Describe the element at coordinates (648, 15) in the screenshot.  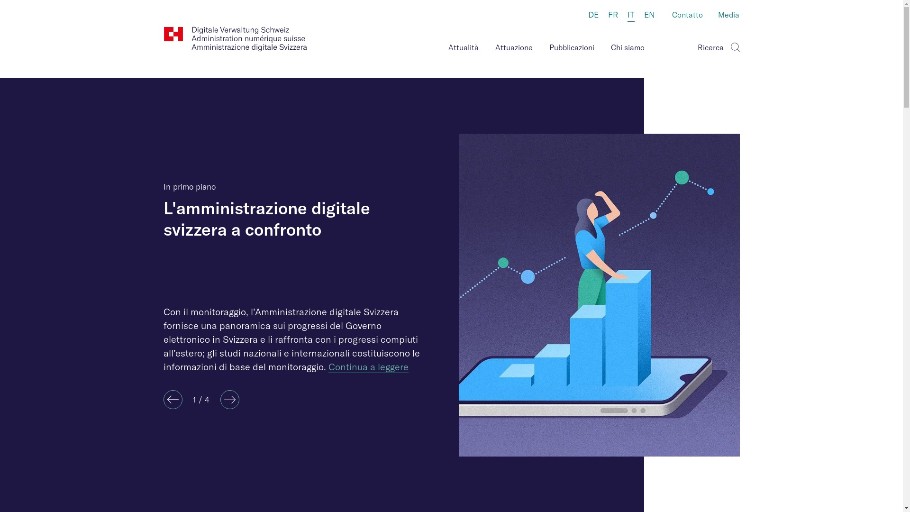
I see `'EN'` at that location.